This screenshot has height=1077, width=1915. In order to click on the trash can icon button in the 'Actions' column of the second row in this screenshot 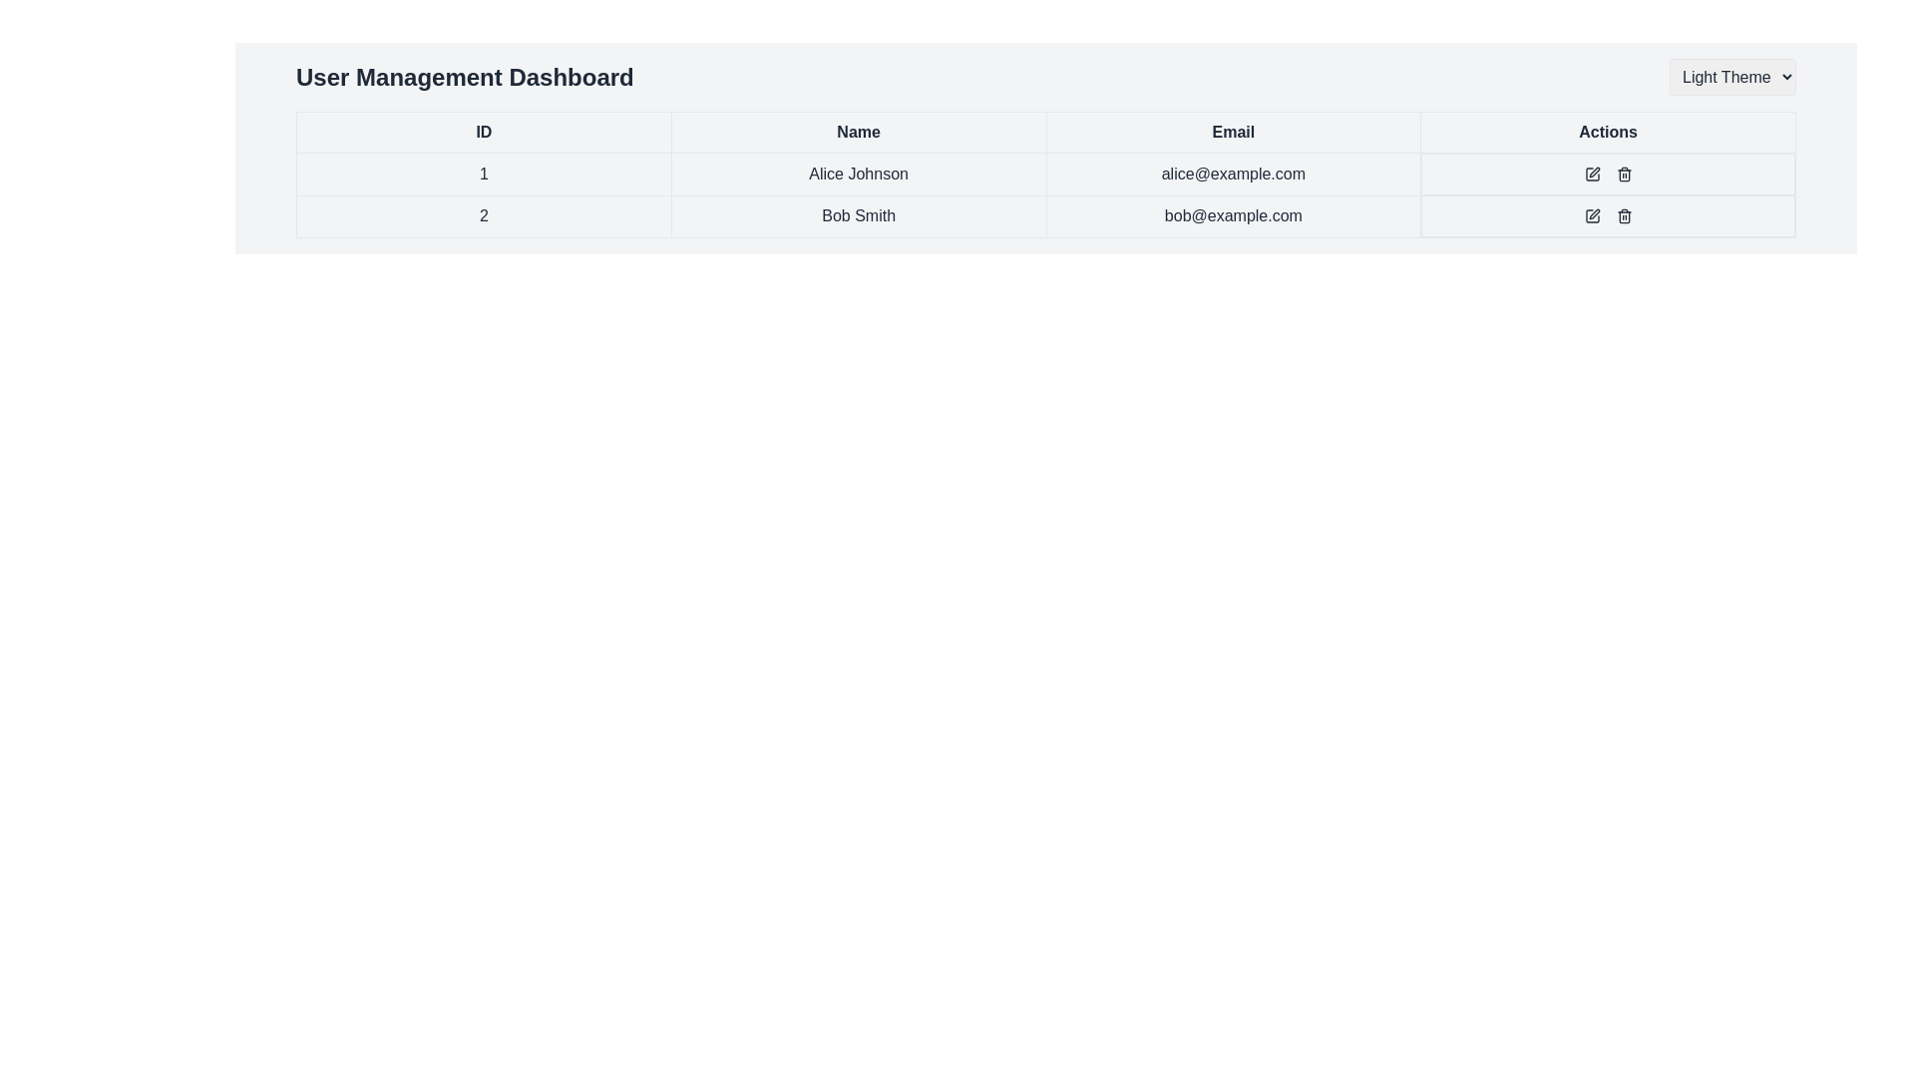, I will do `click(1624, 215)`.